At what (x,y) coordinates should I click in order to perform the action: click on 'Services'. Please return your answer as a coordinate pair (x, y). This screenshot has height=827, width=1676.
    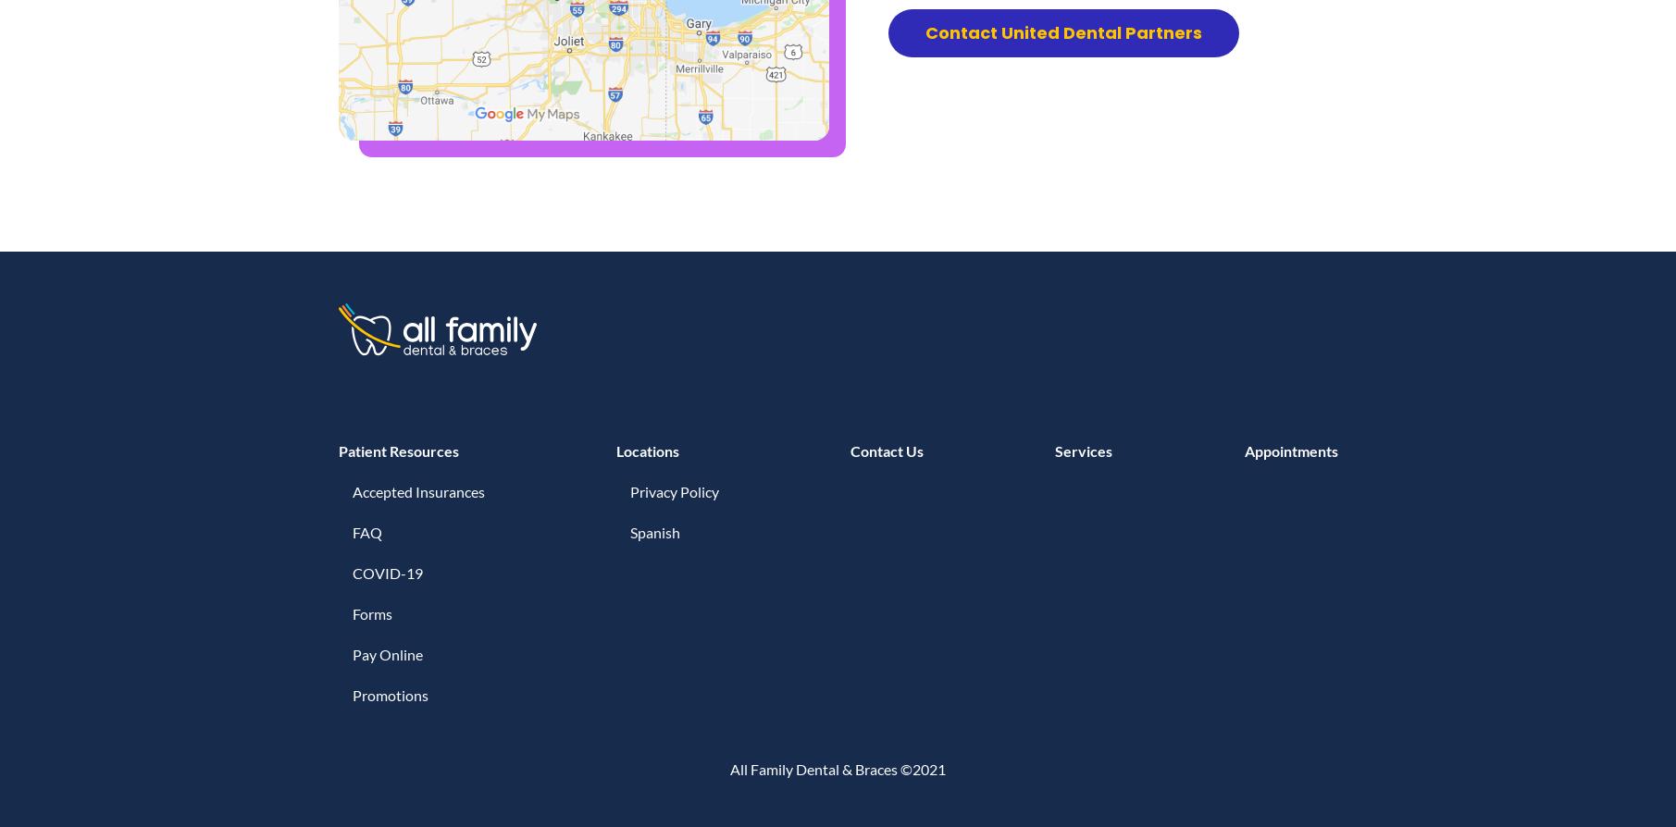
    Looking at the image, I should click on (1082, 451).